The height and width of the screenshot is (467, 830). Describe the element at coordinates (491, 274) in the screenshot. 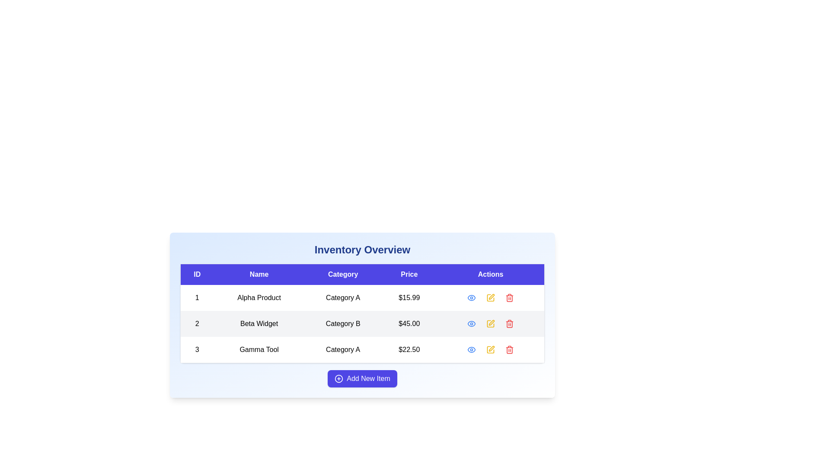

I see `the 'Actions' column header cell in the table, which is the rightmost header located at the last position of the header row` at that location.